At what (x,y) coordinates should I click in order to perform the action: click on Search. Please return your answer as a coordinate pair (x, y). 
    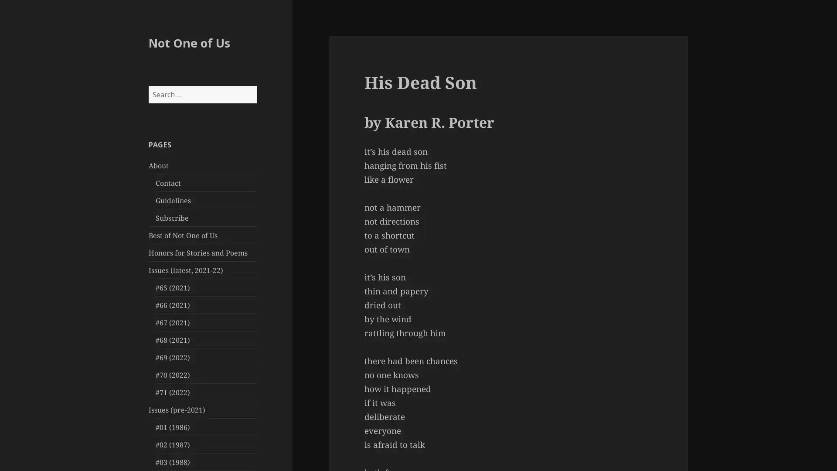
    Looking at the image, I should click on (255, 85).